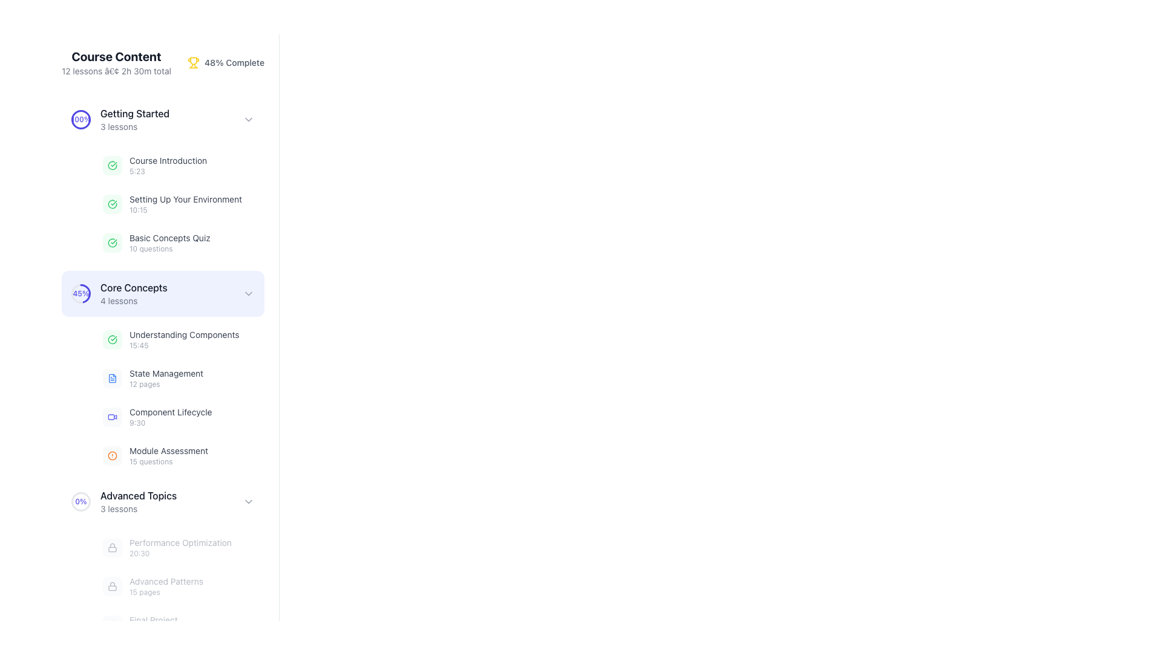 This screenshot has width=1162, height=653. I want to click on the play button located to the far right of the 'Component Lifecycle' lesson, next to the duration '9:30', so click(246, 417).